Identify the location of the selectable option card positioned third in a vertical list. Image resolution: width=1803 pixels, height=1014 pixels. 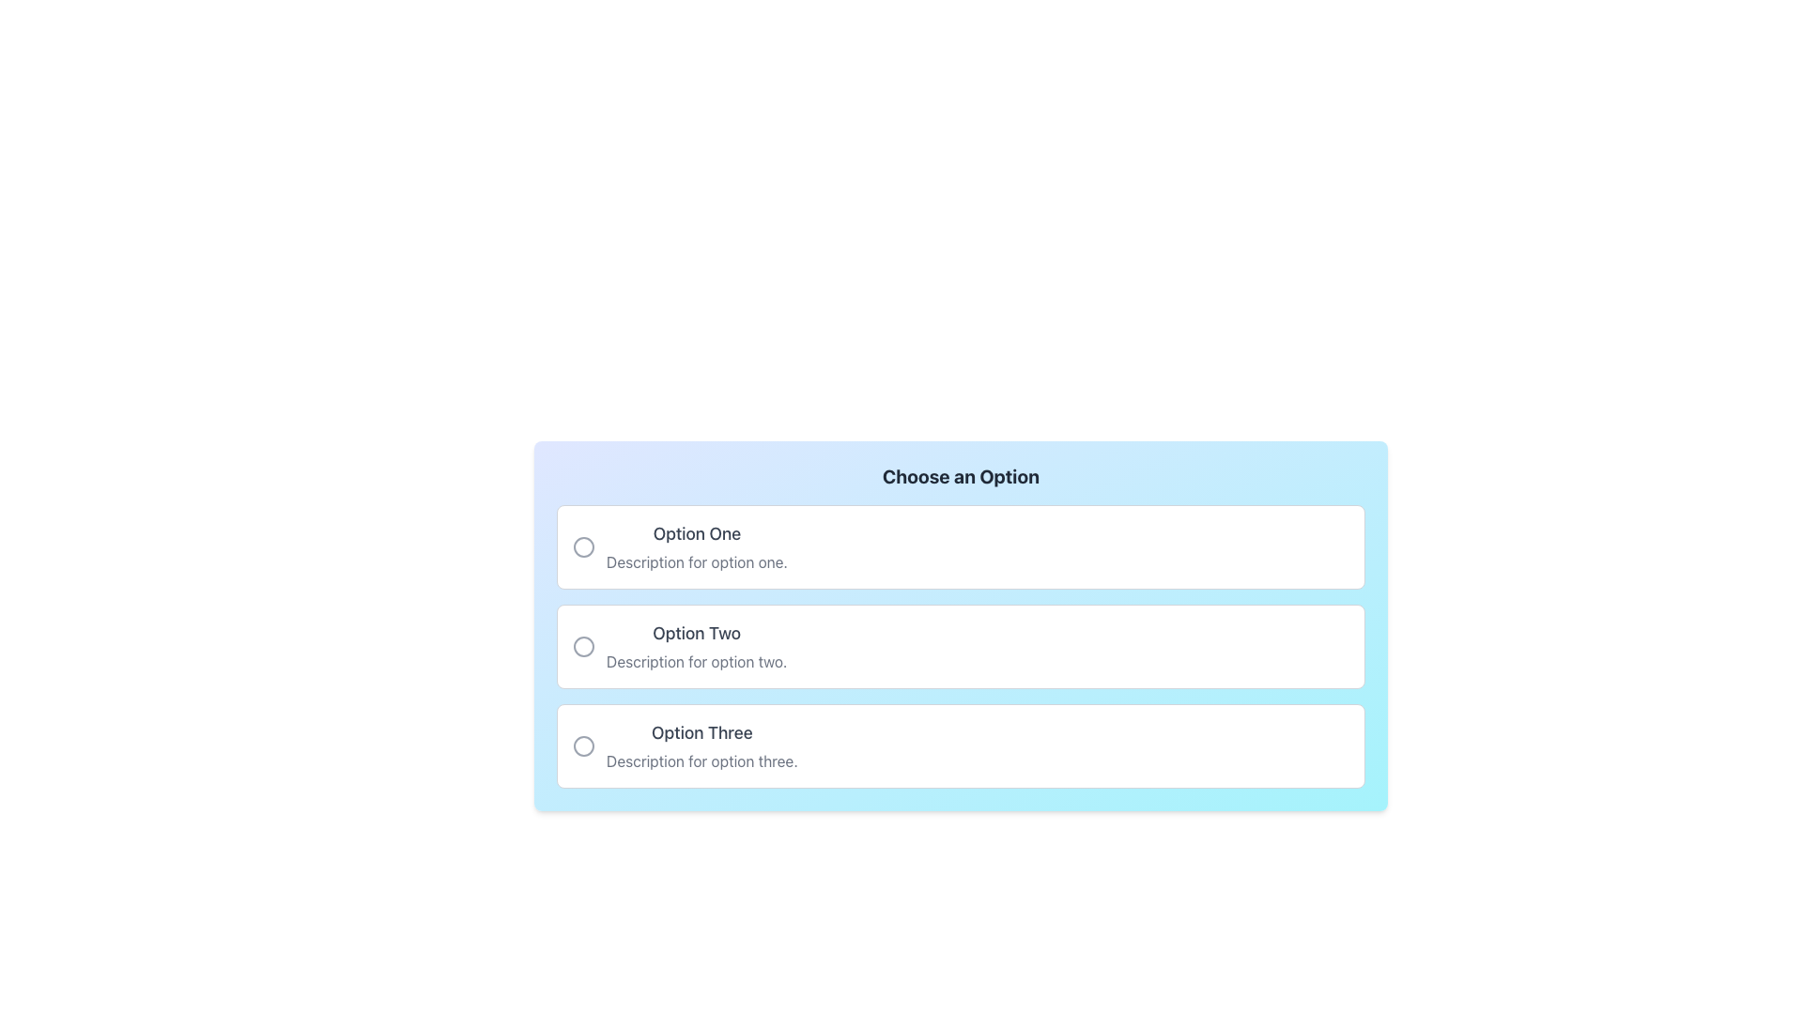
(961, 745).